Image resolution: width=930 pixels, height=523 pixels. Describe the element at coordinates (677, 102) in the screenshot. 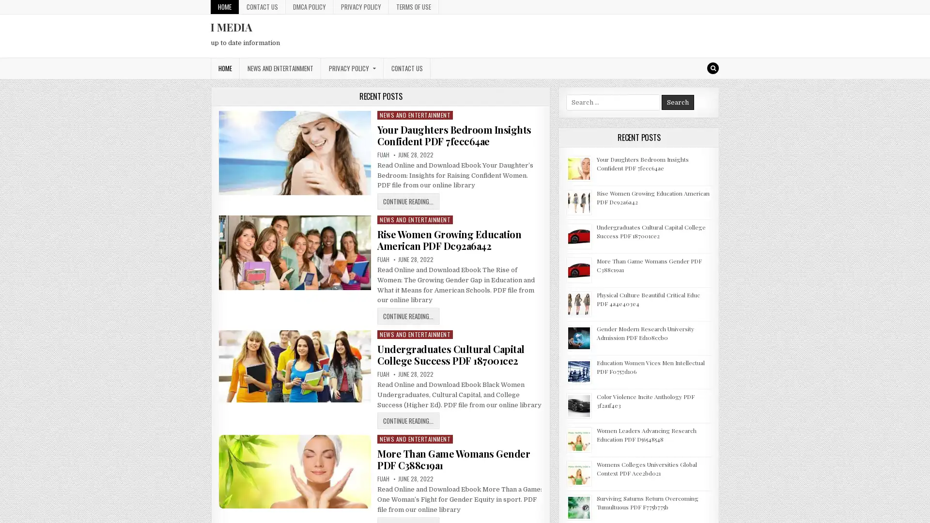

I see `Search` at that location.